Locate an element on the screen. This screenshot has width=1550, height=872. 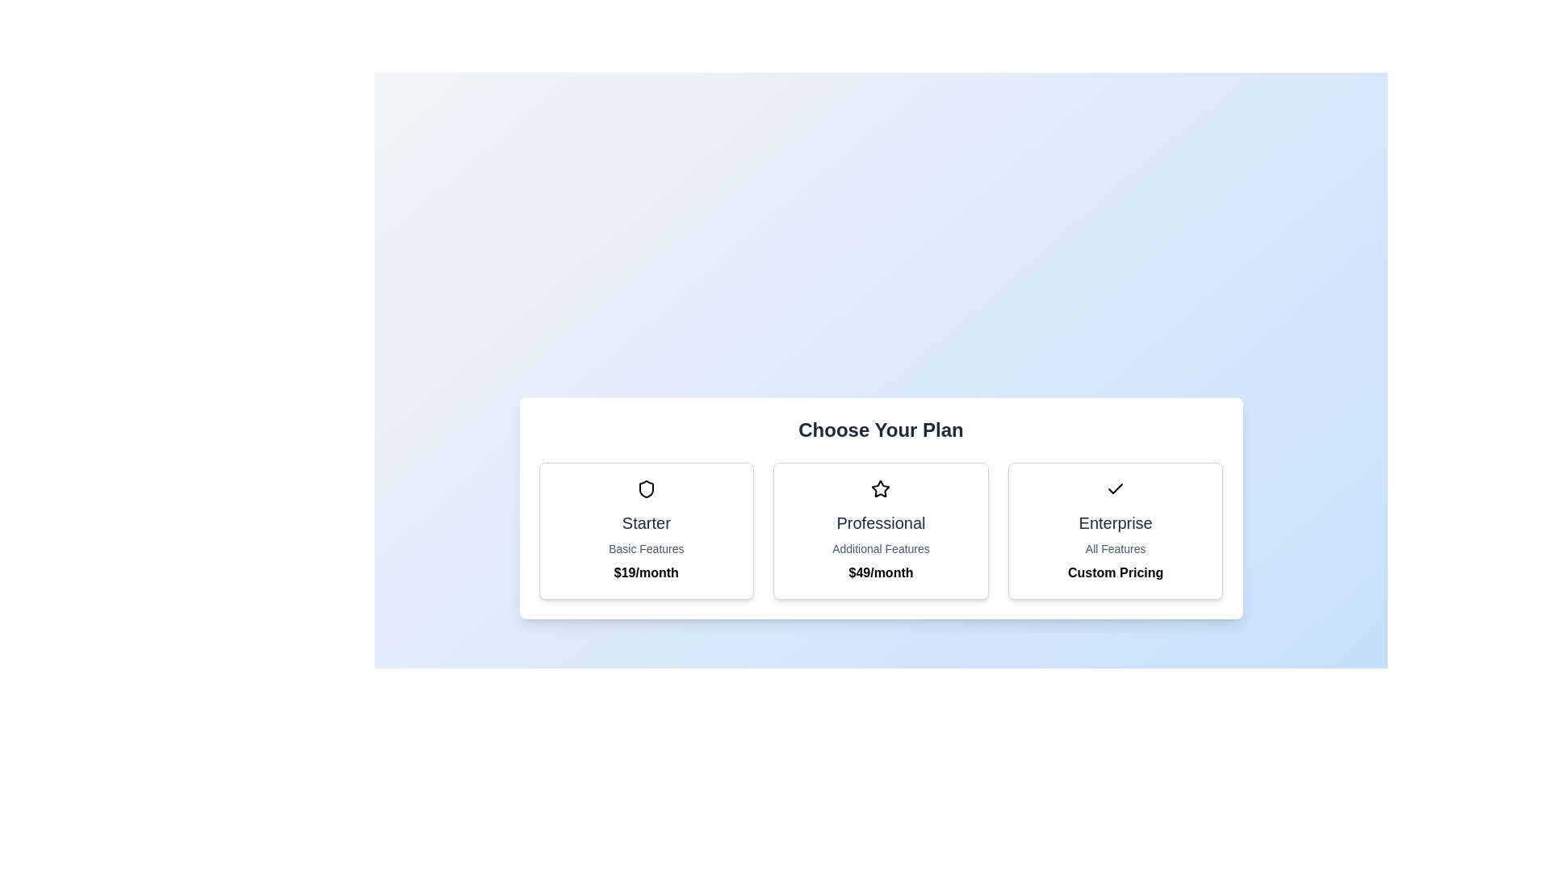
pricing information displayed as '$19/month' in bold style at the bottom of the leftmost pricing card in the 'Choose Your Plan' section is located at coordinates (646, 572).